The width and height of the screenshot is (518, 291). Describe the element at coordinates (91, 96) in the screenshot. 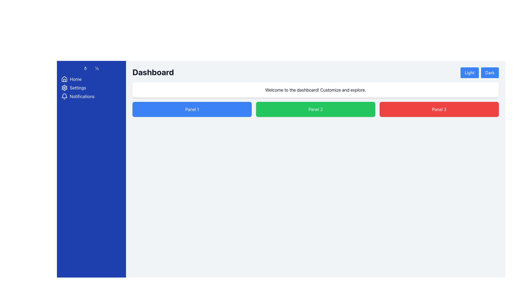

I see `the third navigation link in the vertical menu on the left side of the page to trigger potential hover effects` at that location.